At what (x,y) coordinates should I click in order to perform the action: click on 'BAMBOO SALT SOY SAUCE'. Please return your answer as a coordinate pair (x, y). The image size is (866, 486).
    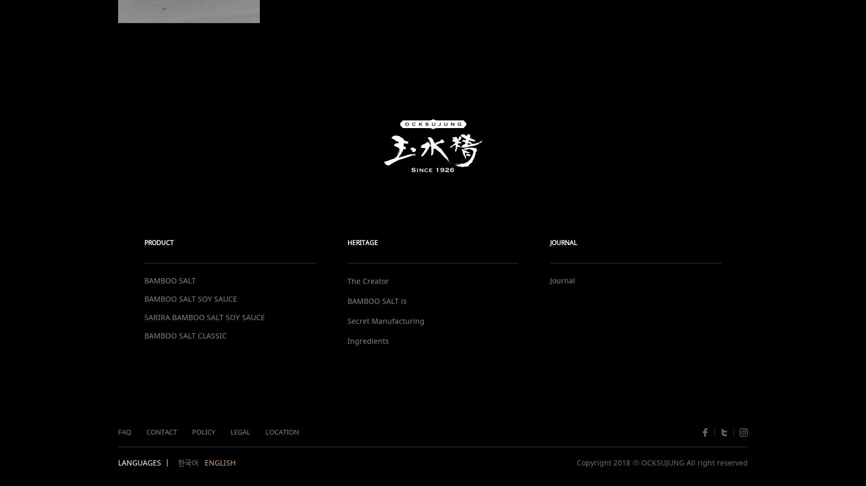
    Looking at the image, I should click on (144, 298).